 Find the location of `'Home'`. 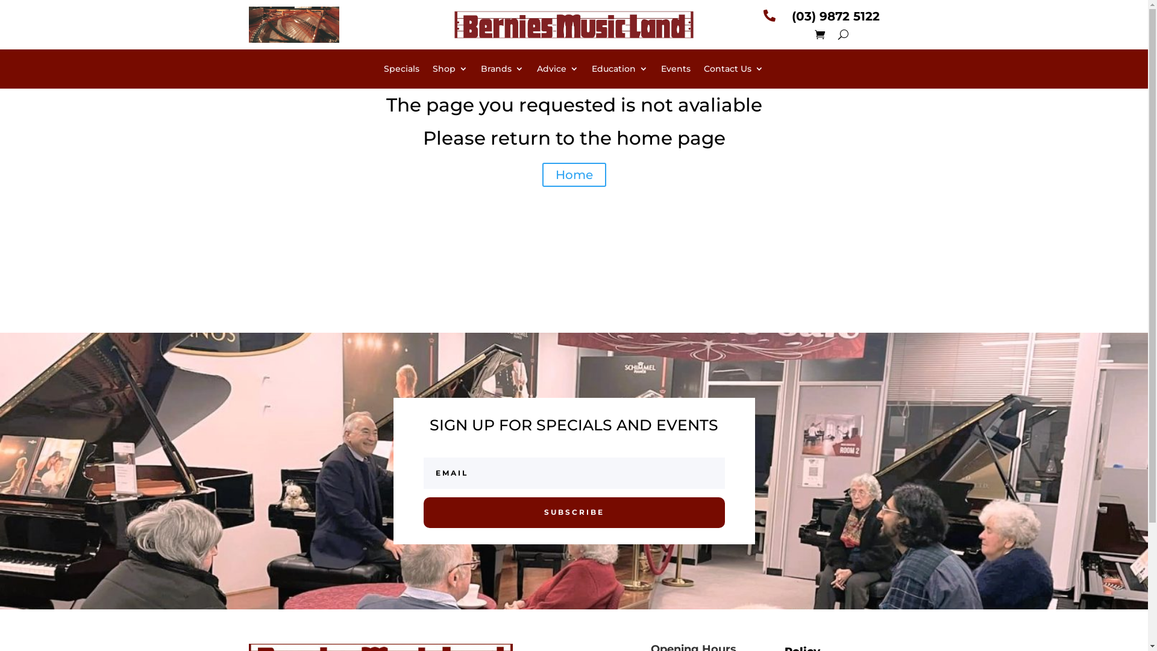

'Home' is located at coordinates (574, 174).